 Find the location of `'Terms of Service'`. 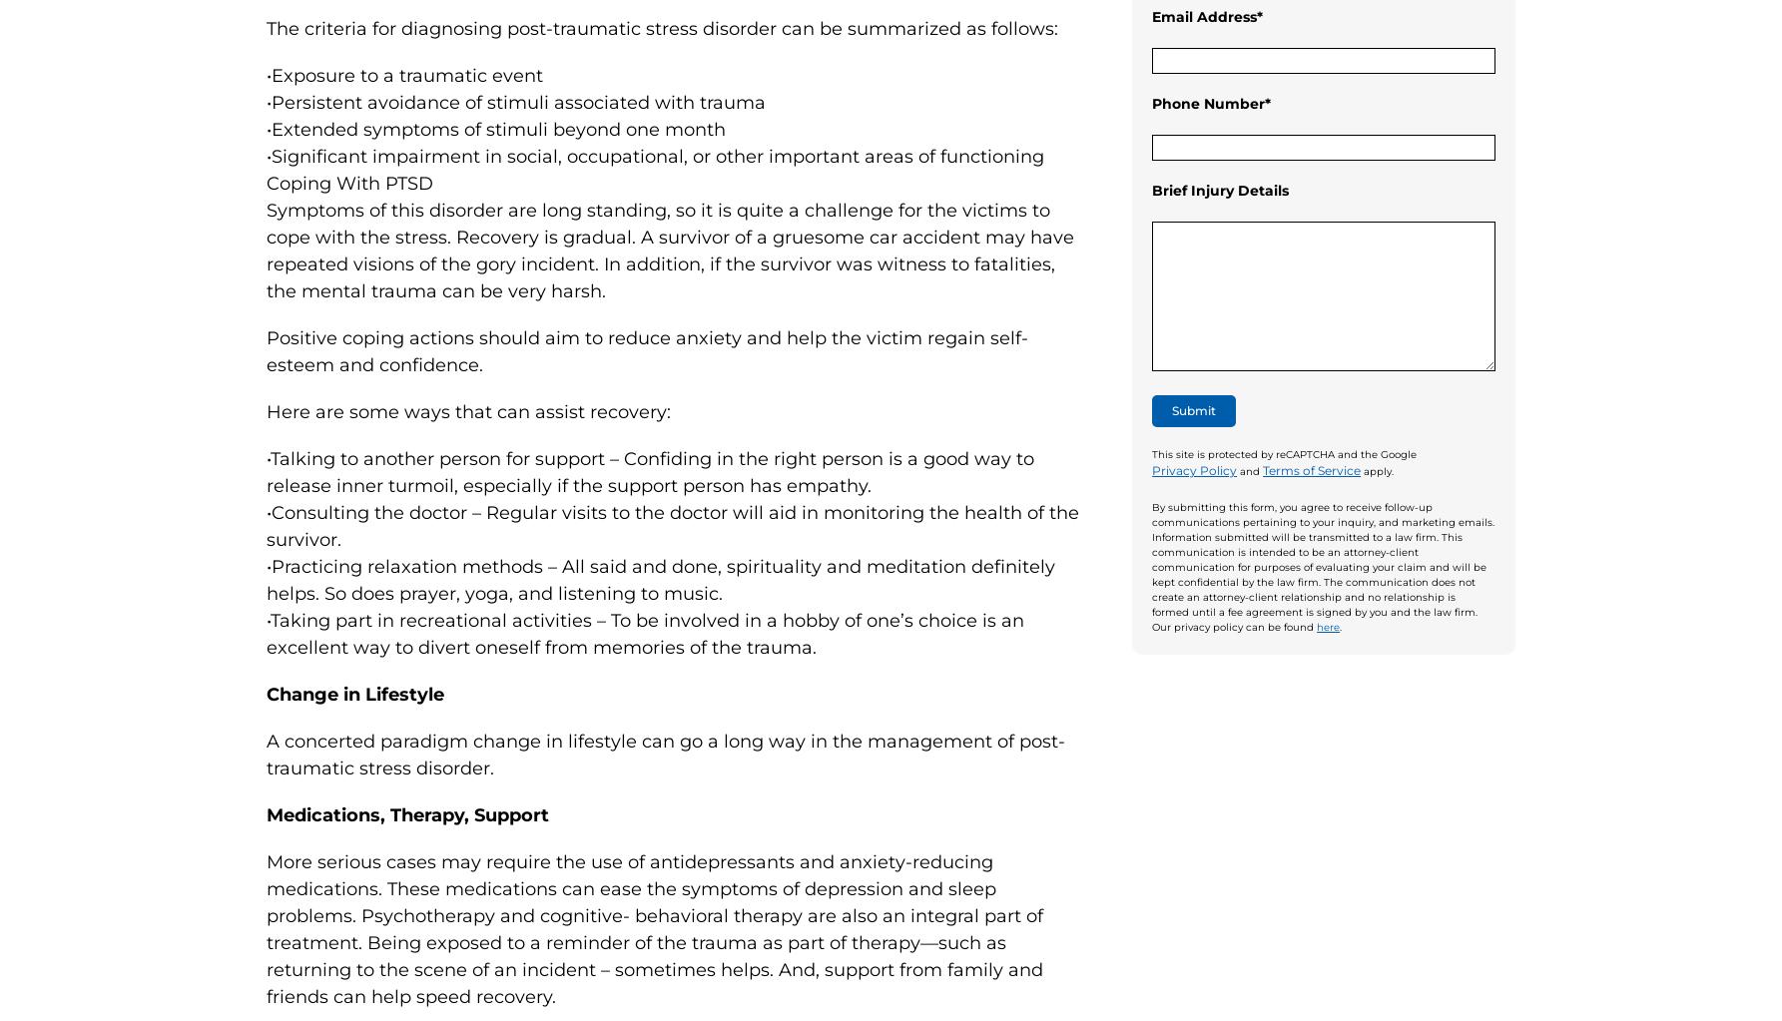

'Terms of Service' is located at coordinates (1311, 469).